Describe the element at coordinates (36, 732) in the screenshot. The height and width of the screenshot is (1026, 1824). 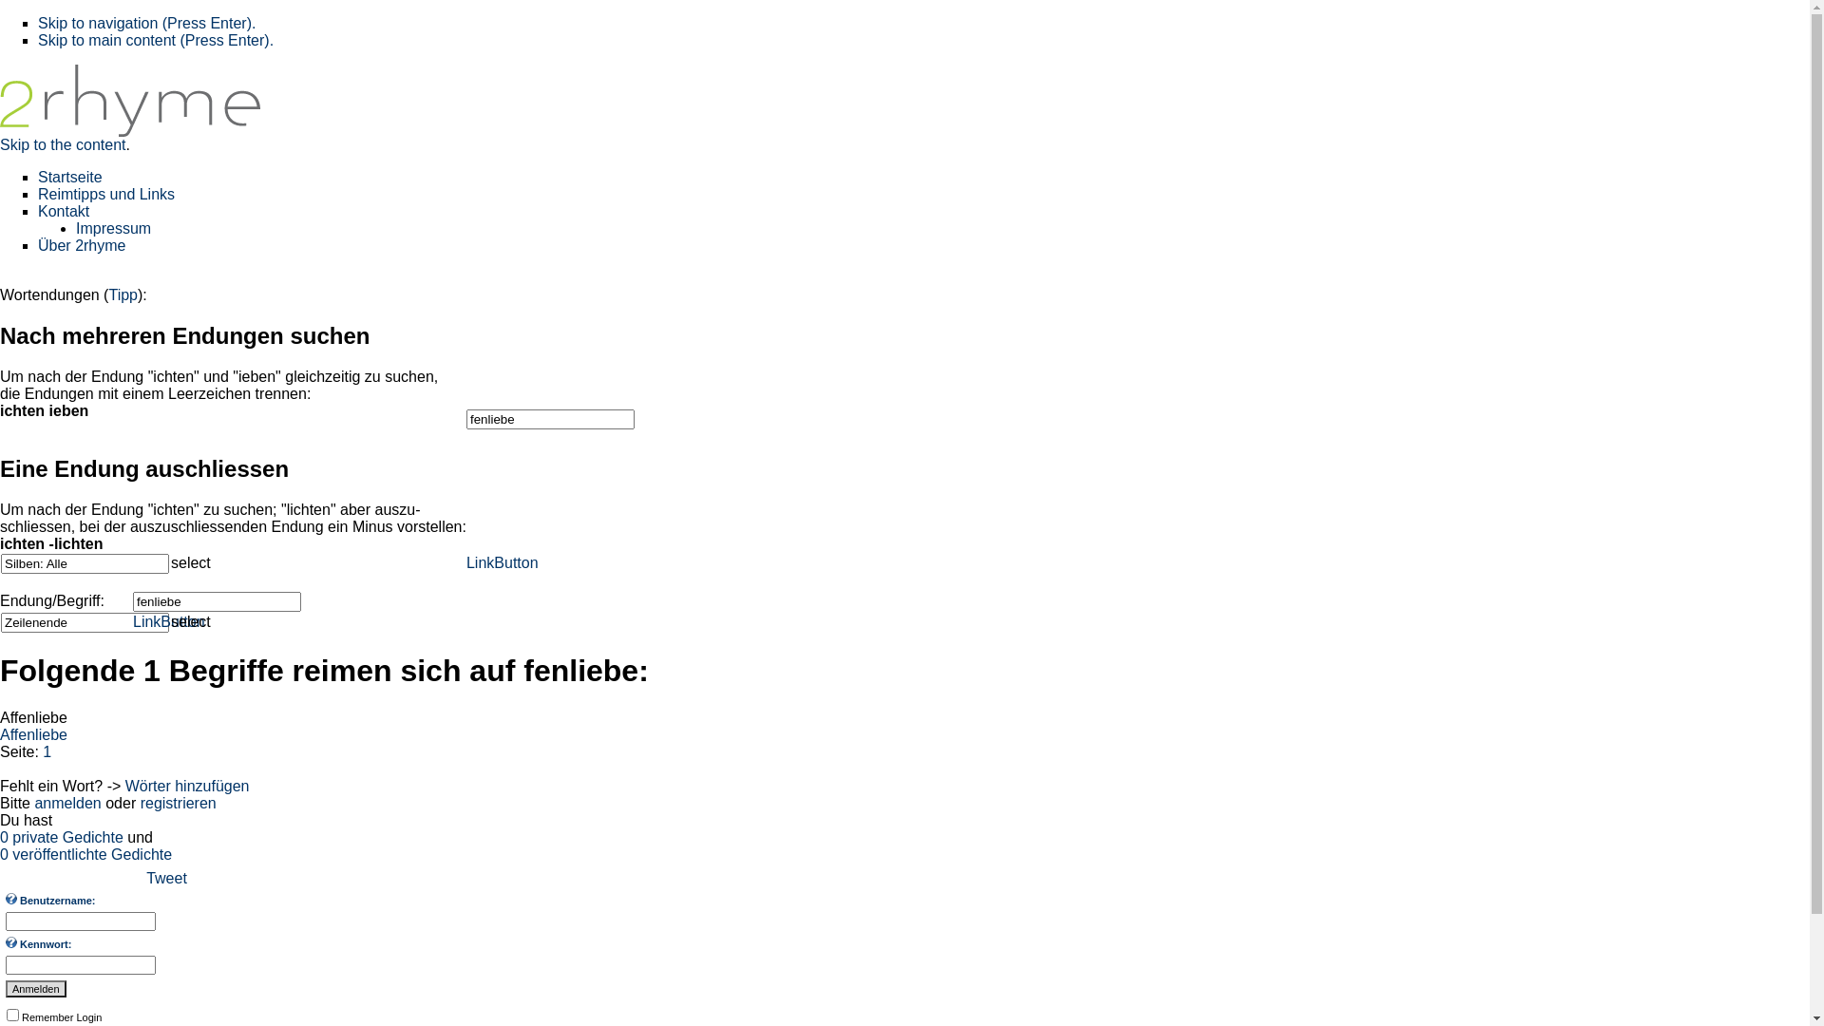
I see `'l'` at that location.